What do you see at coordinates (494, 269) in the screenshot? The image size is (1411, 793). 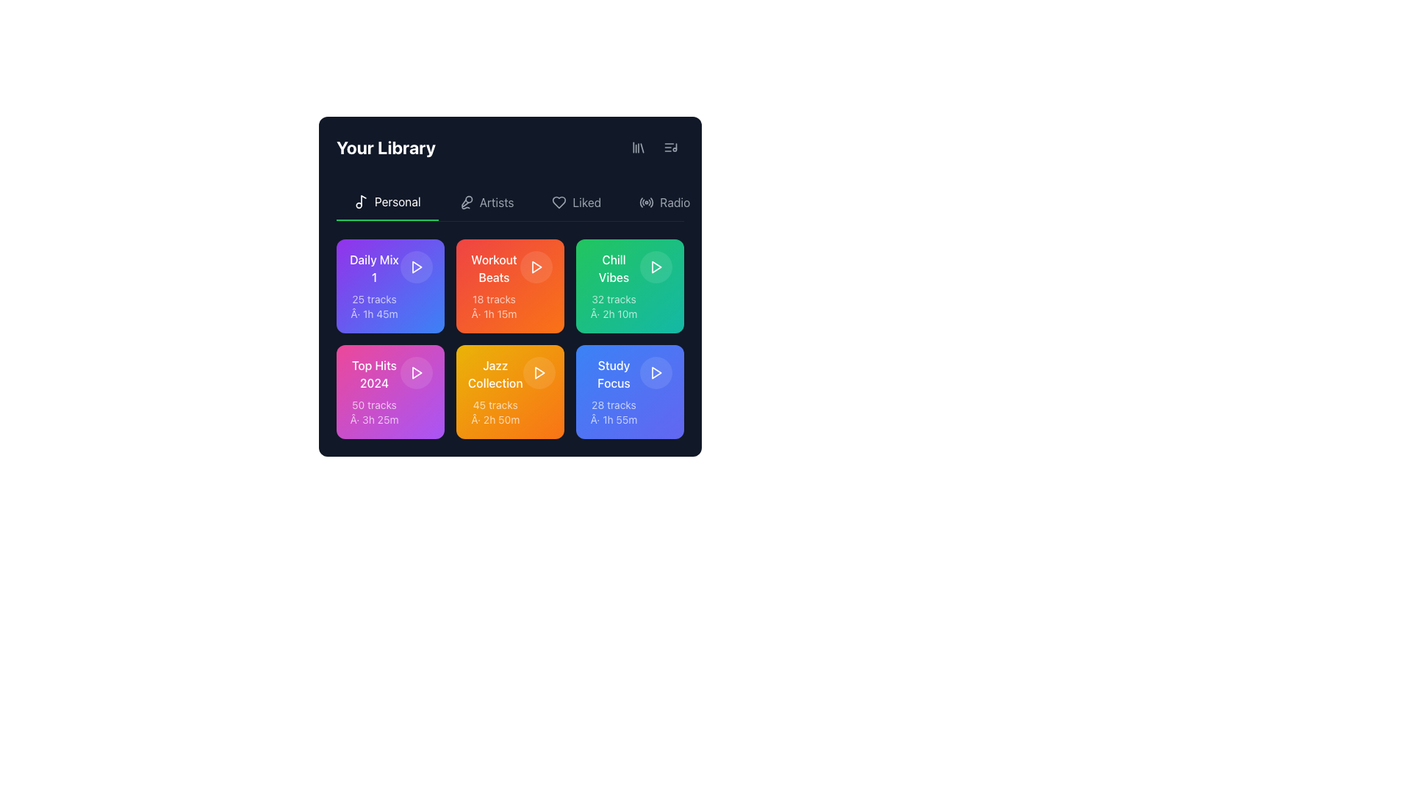 I see `text content of the 'Workout Beats' label, which is displayed in white font on a red-orange background, located in the second column of the first row in the playlist grid` at bounding box center [494, 269].